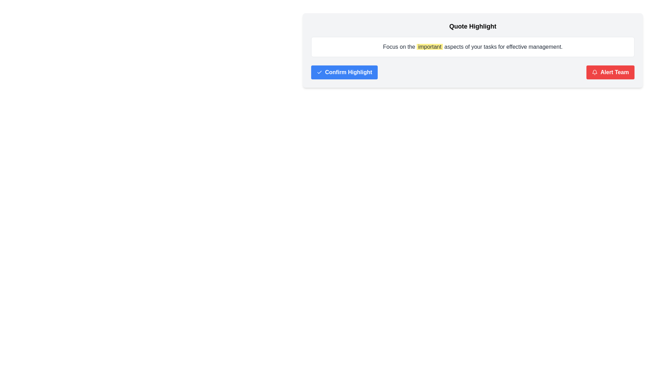 Image resolution: width=669 pixels, height=376 pixels. I want to click on the bell icon representing notifications located within the 'Alert Team' button on the left side of the text, so click(594, 72).